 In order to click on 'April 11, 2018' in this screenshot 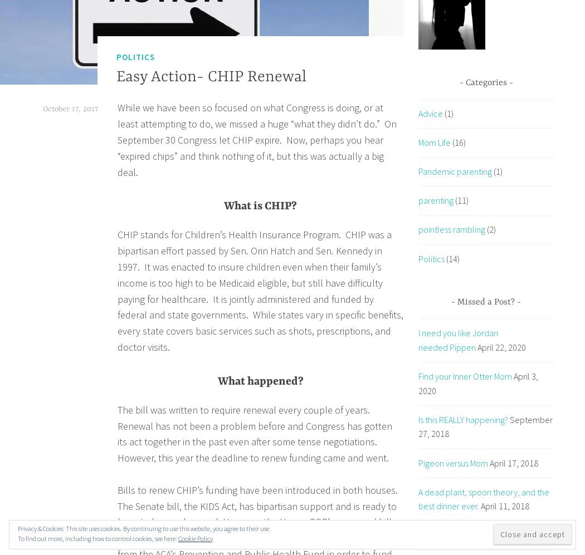, I will do `click(480, 505)`.